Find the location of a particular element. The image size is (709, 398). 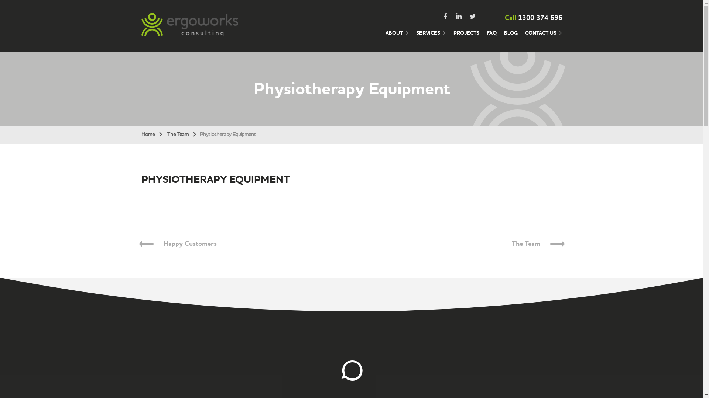

'ABOUT' is located at coordinates (397, 37).